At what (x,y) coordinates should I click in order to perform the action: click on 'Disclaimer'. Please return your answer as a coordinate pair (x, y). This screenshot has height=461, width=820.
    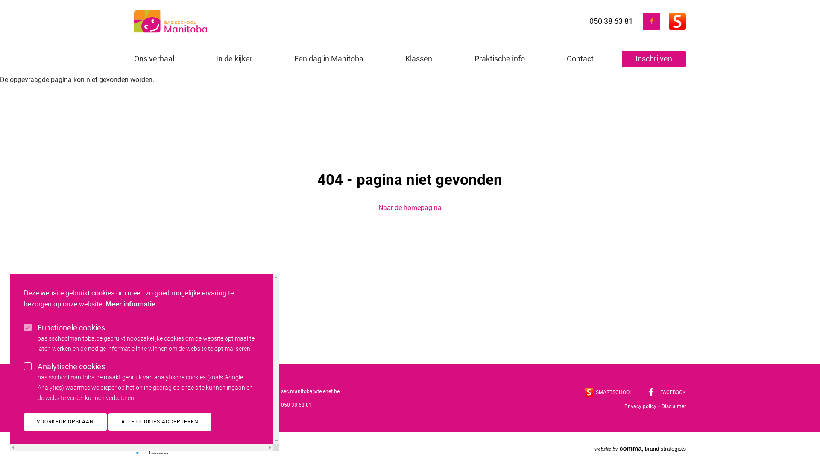
    Looking at the image, I should click on (673, 406).